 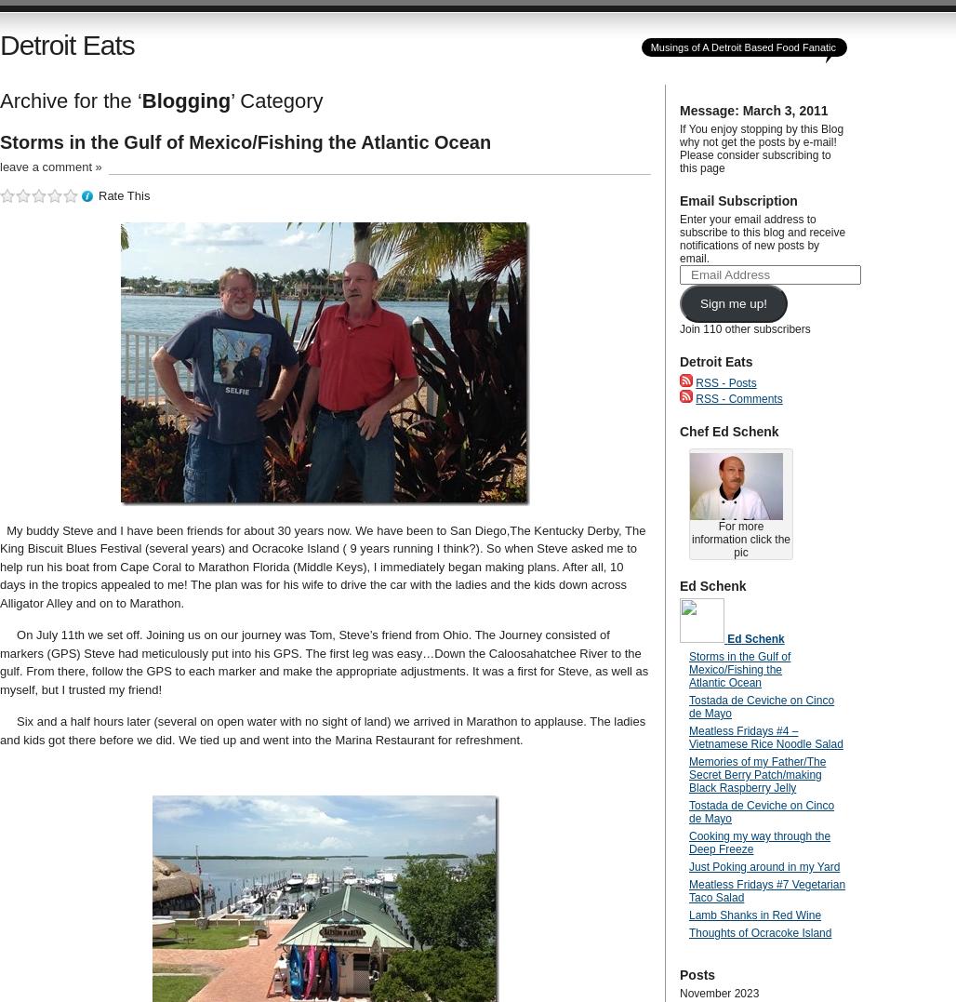 What do you see at coordinates (124, 195) in the screenshot?
I see `'Rate This'` at bounding box center [124, 195].